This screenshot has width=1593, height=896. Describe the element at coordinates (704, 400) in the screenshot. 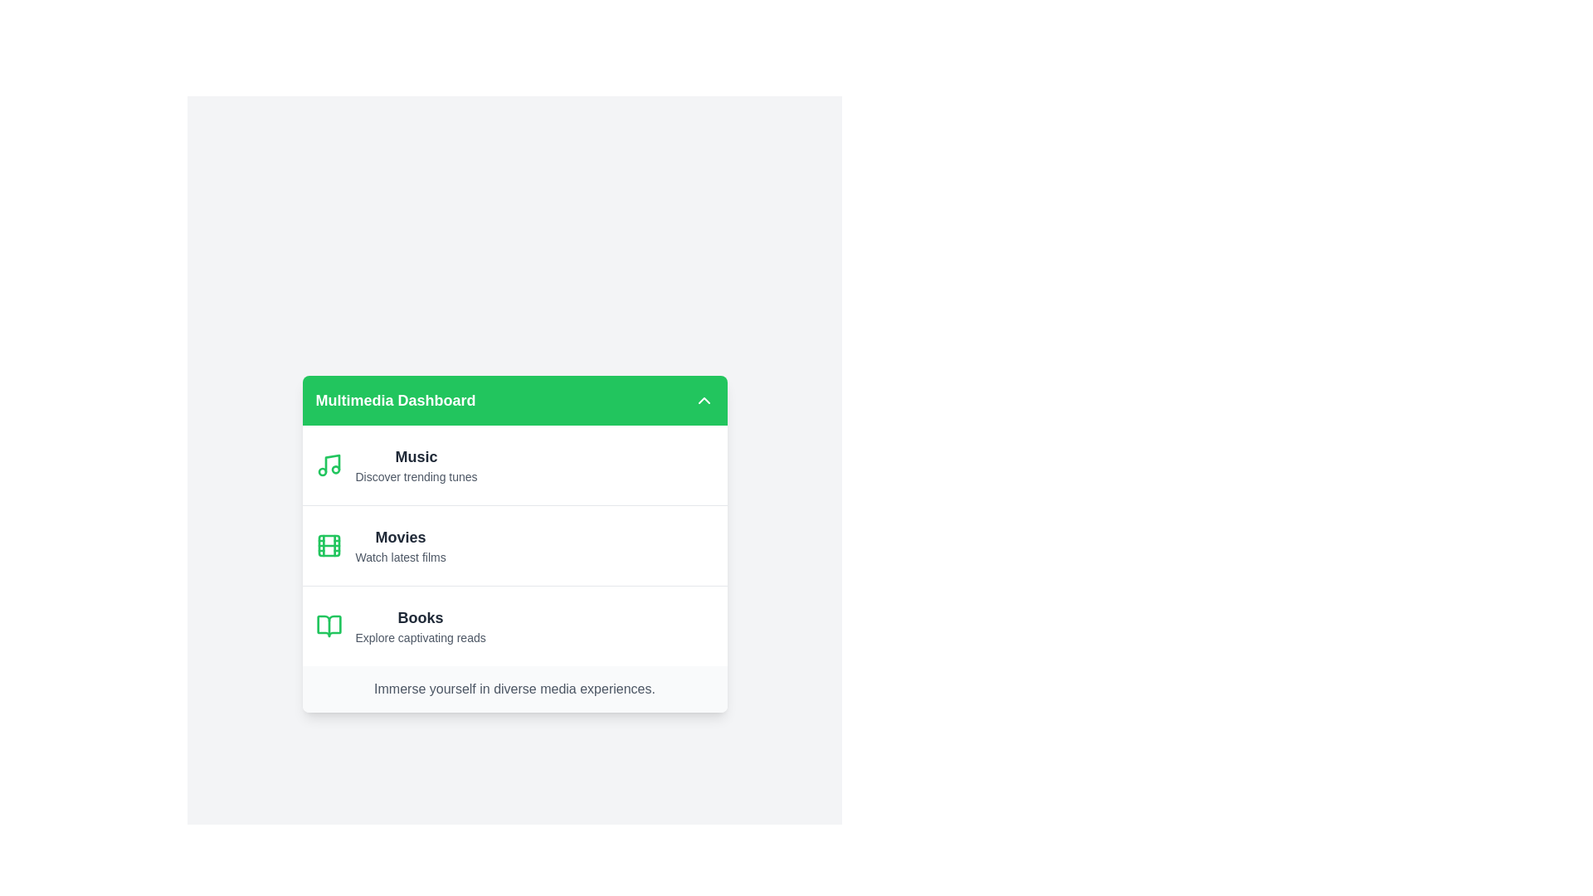

I see `the header button to toggle the menu visibility` at that location.